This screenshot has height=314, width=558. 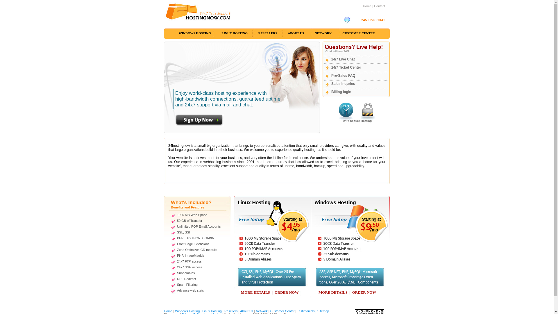 What do you see at coordinates (305, 311) in the screenshot?
I see `'Testimonials'` at bounding box center [305, 311].